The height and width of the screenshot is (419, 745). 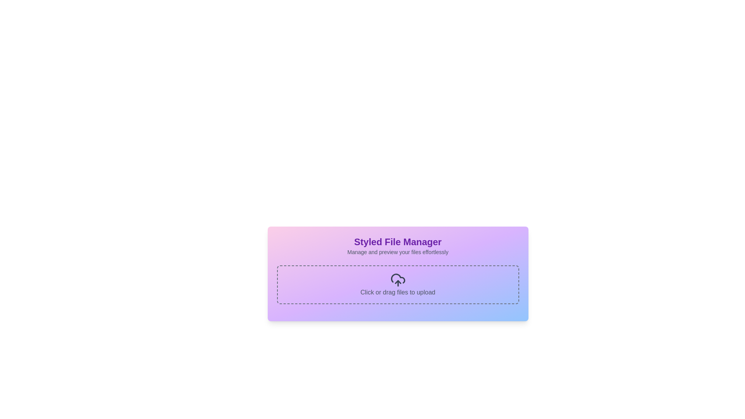 What do you see at coordinates (398, 252) in the screenshot?
I see `the descriptive text element that provides information about the file manager functionality, which is positioned centrally below the title 'Styled File Manager'` at bounding box center [398, 252].